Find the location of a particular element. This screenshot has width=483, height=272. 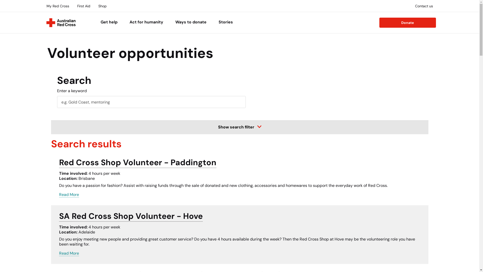

'Contact us' is located at coordinates (424, 6).